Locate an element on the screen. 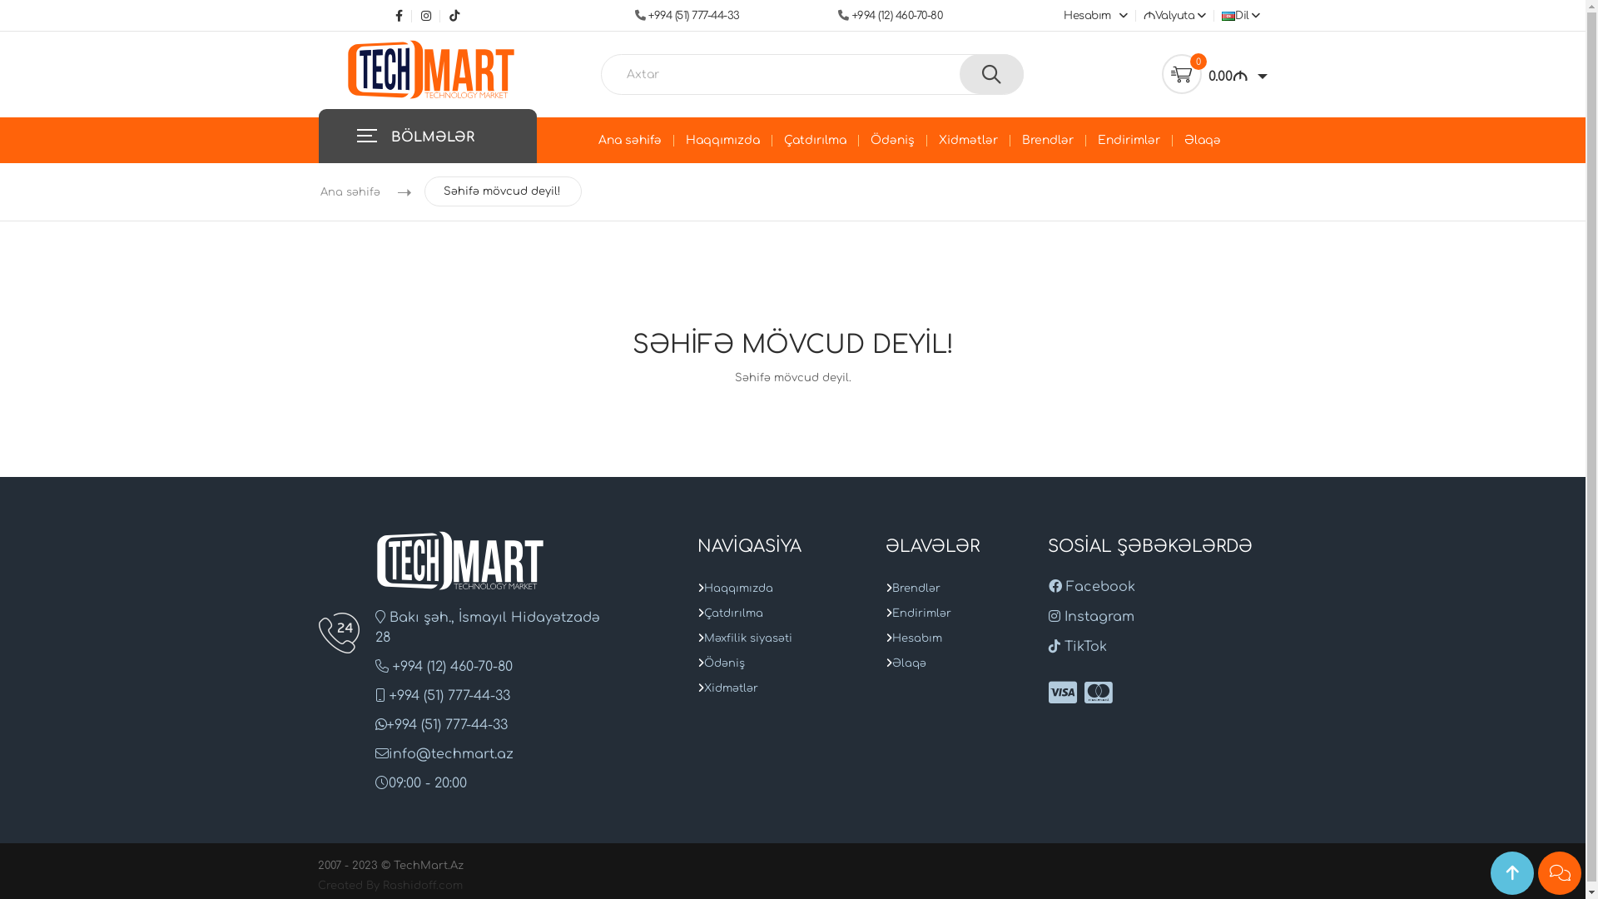 The width and height of the screenshot is (1598, 899). 'TechMart.Az' is located at coordinates (431, 68).